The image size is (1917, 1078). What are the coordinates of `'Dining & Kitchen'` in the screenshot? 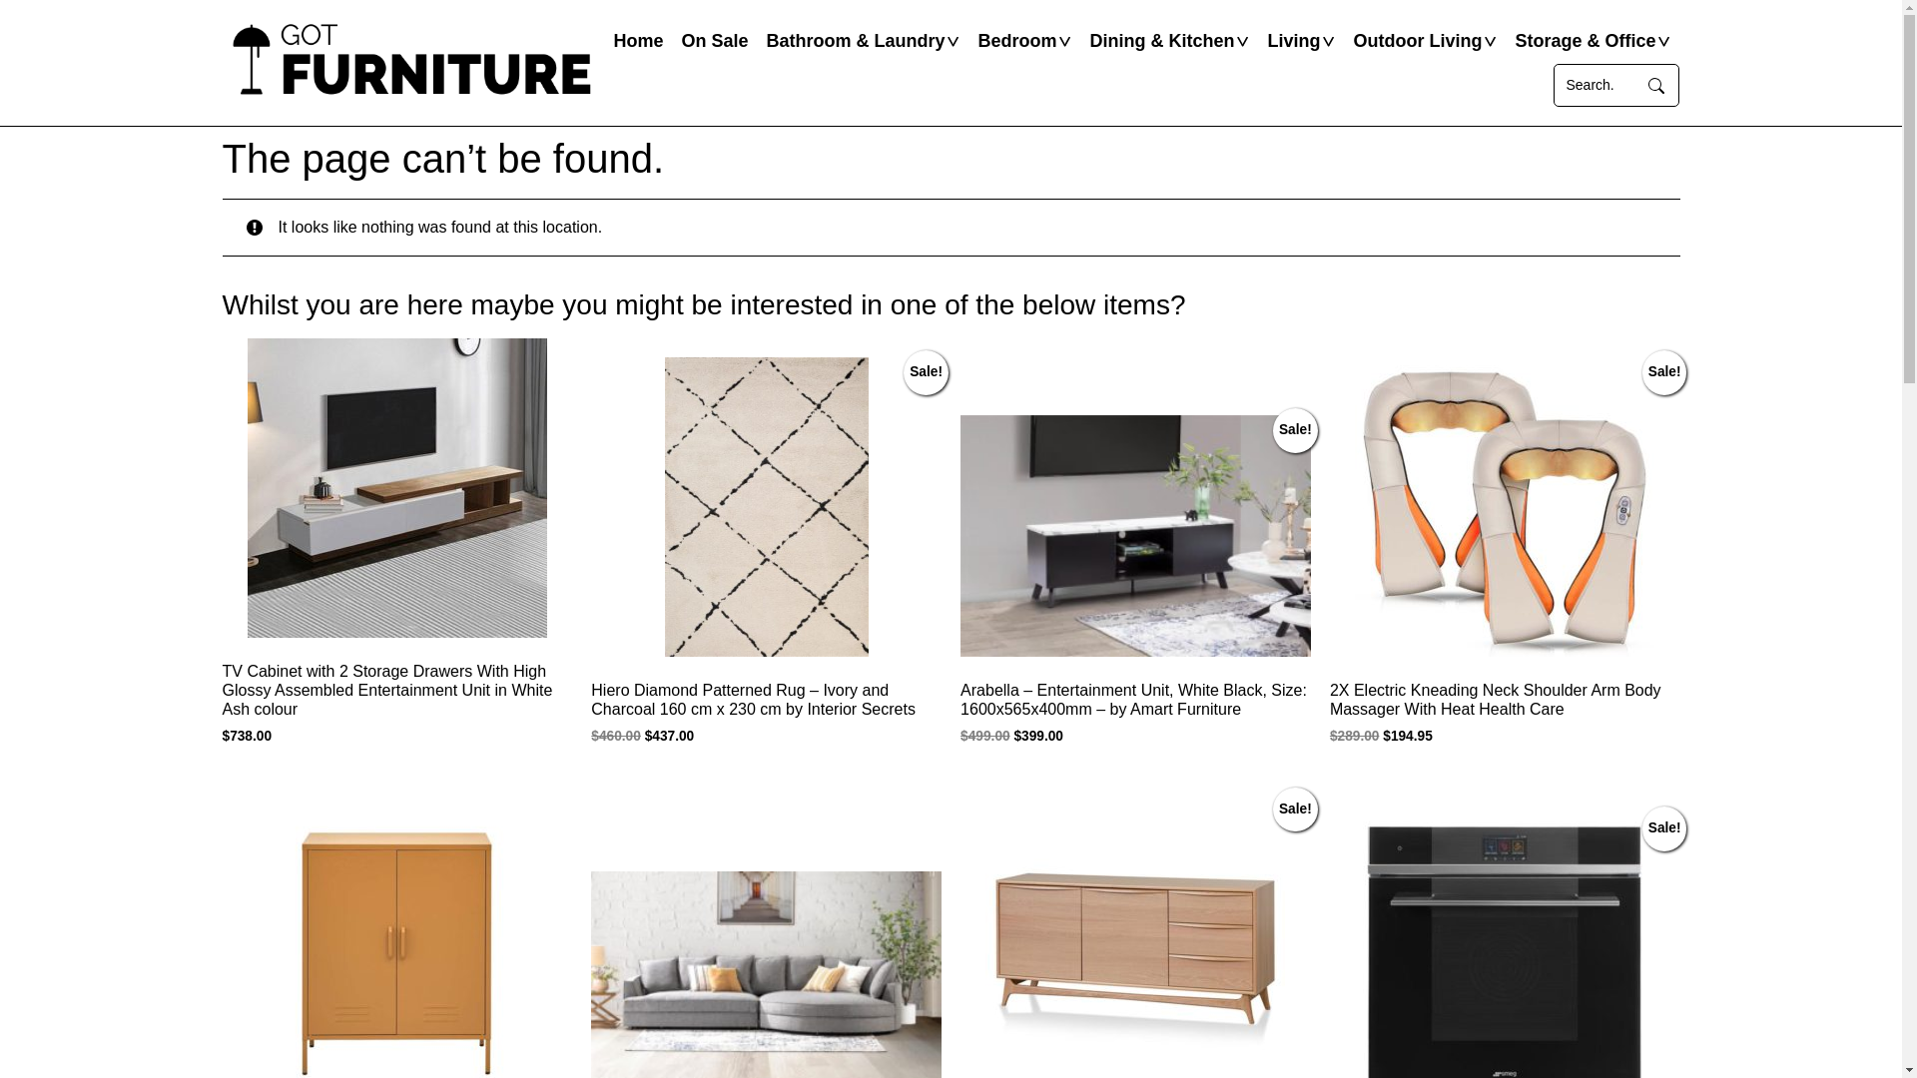 It's located at (1161, 41).